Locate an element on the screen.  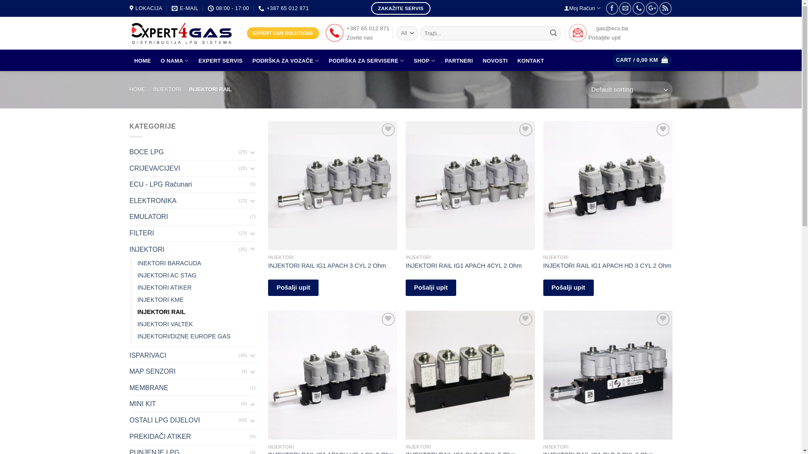
'ISPARIVACI' is located at coordinates (183, 355).